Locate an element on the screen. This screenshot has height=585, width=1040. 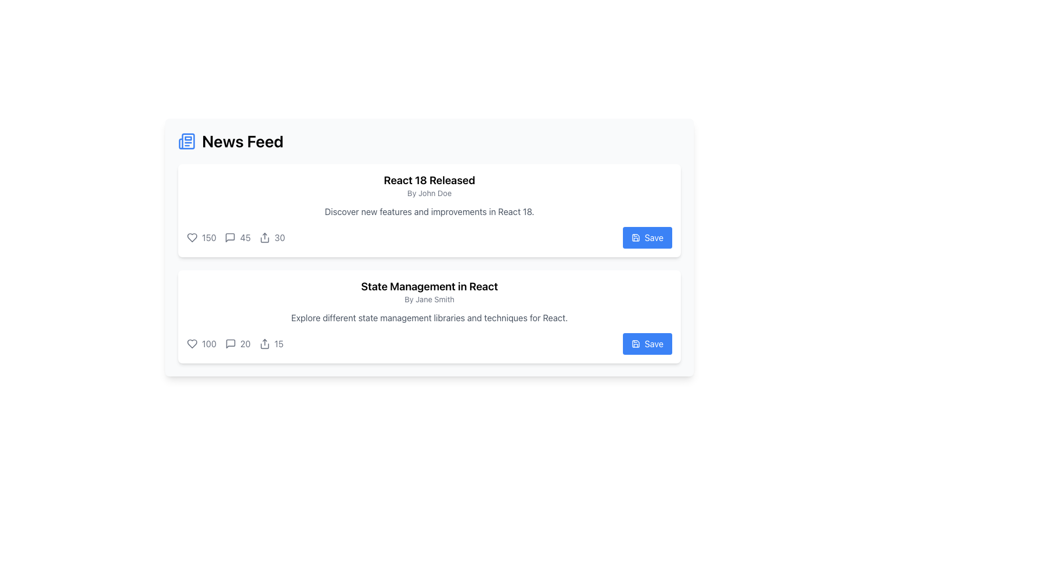
the Information Card about the release of React 18, which is the first card in a vertical list, located beneath the 'News Feed' header is located at coordinates (428, 211).